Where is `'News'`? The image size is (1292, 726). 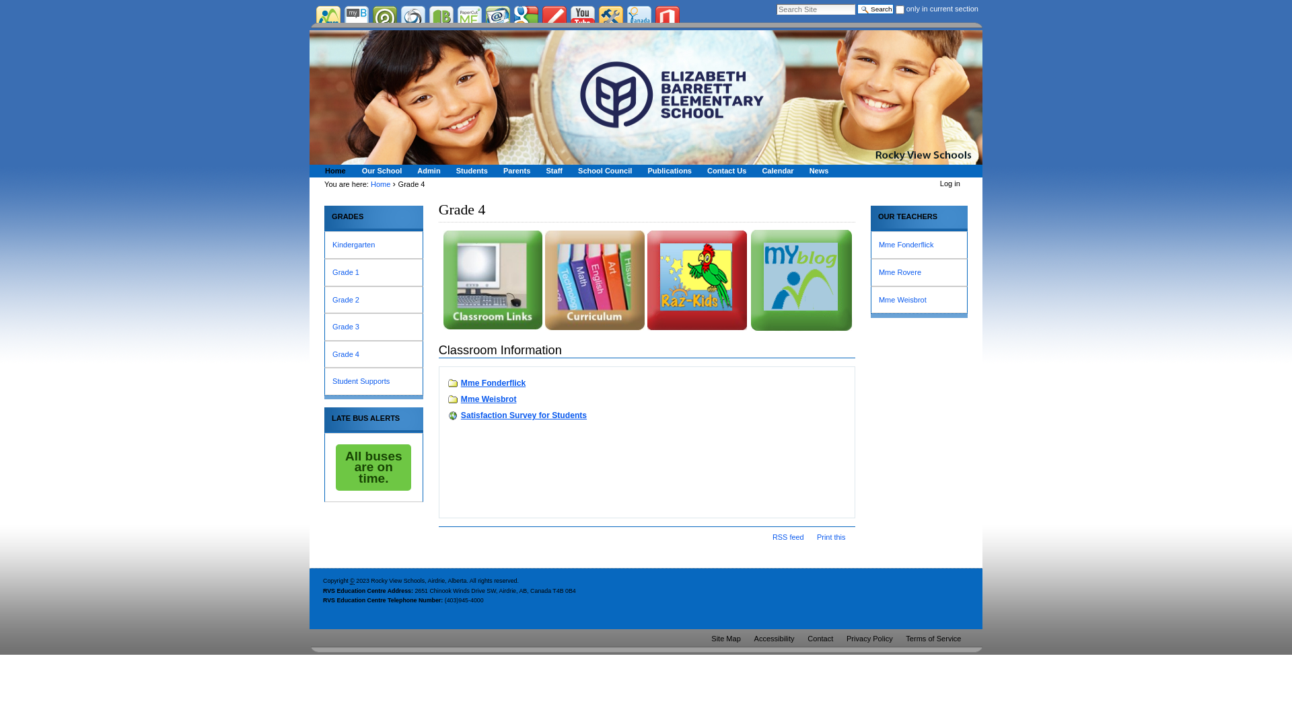 'News' is located at coordinates (816, 170).